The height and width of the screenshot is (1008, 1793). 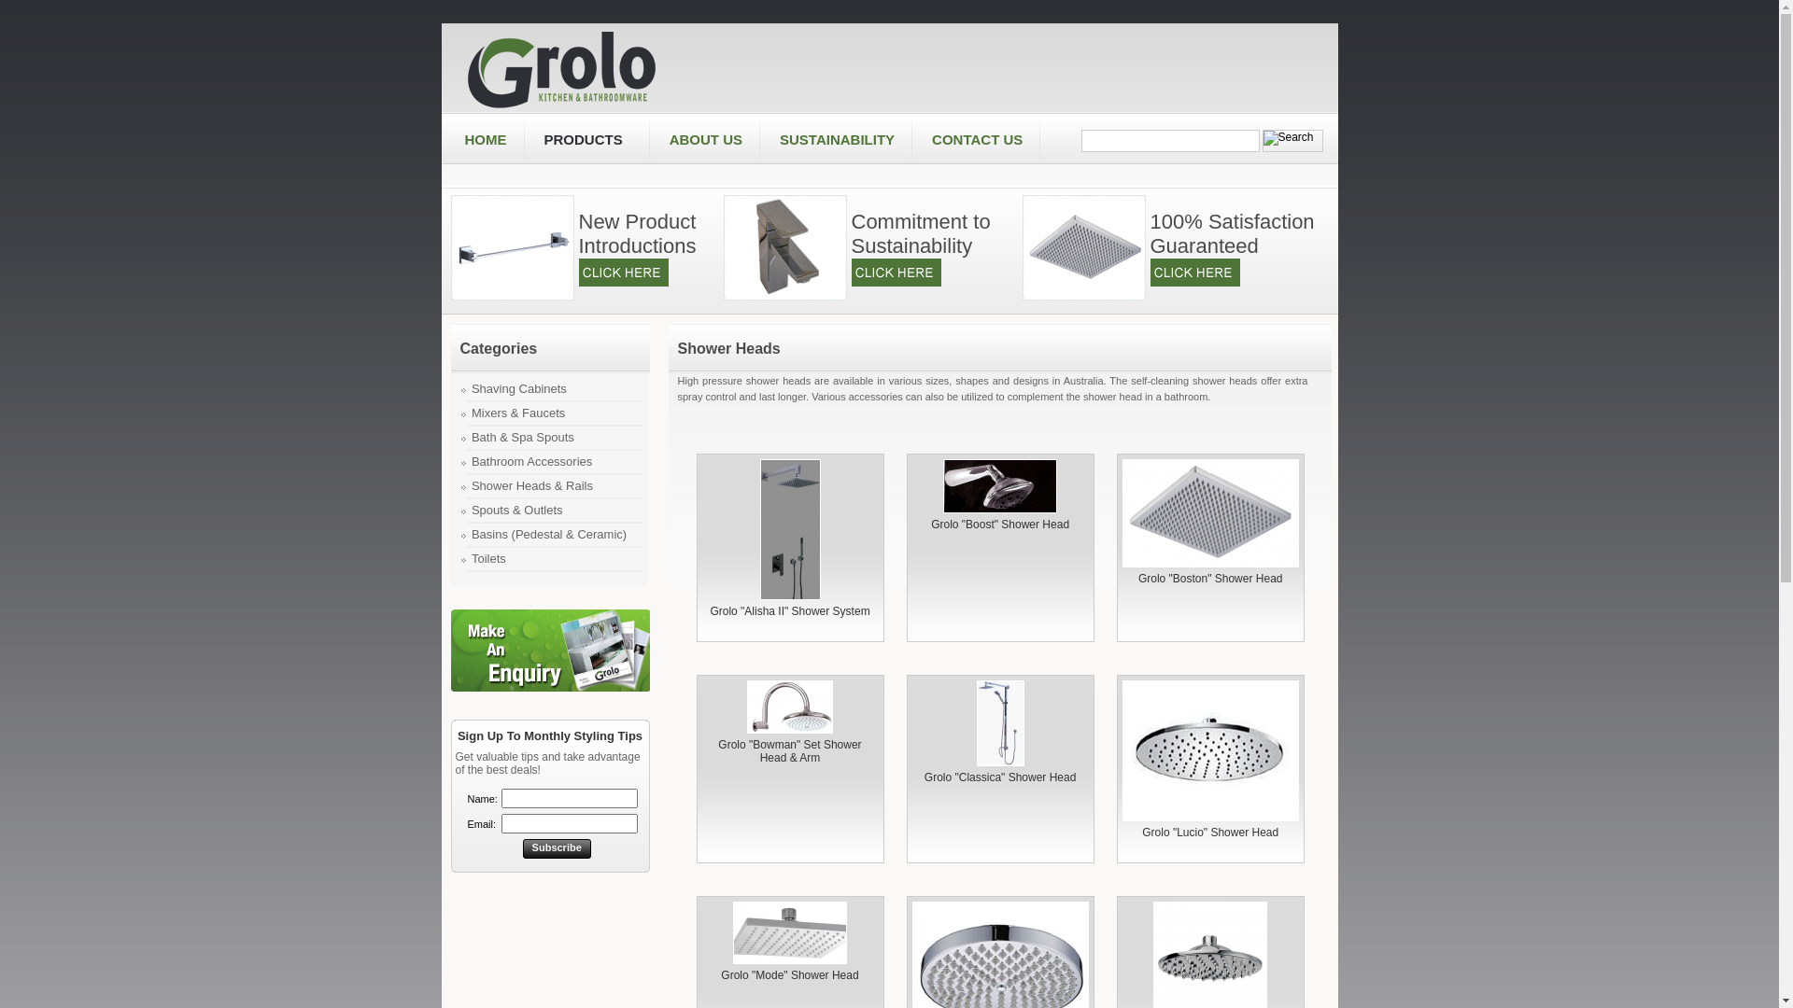 What do you see at coordinates (789, 932) in the screenshot?
I see `'Grolo "Mode" Shower Head'` at bounding box center [789, 932].